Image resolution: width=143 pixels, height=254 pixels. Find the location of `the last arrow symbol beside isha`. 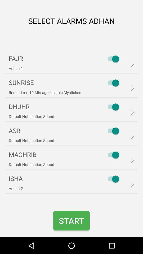

the last arrow symbol beside isha is located at coordinates (130, 184).